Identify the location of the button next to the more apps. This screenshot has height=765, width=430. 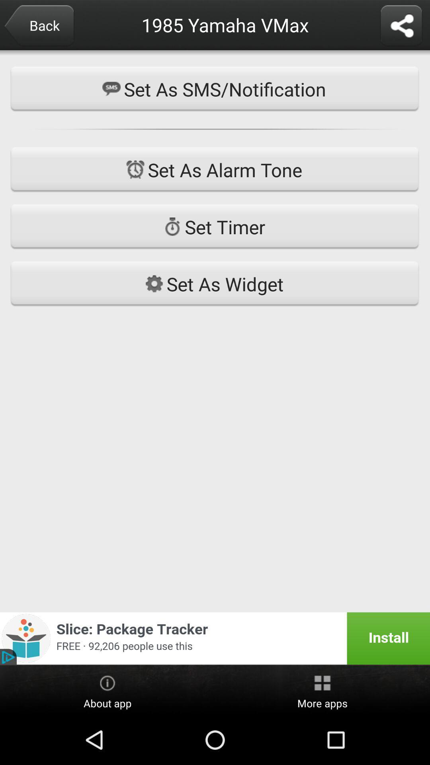
(107, 690).